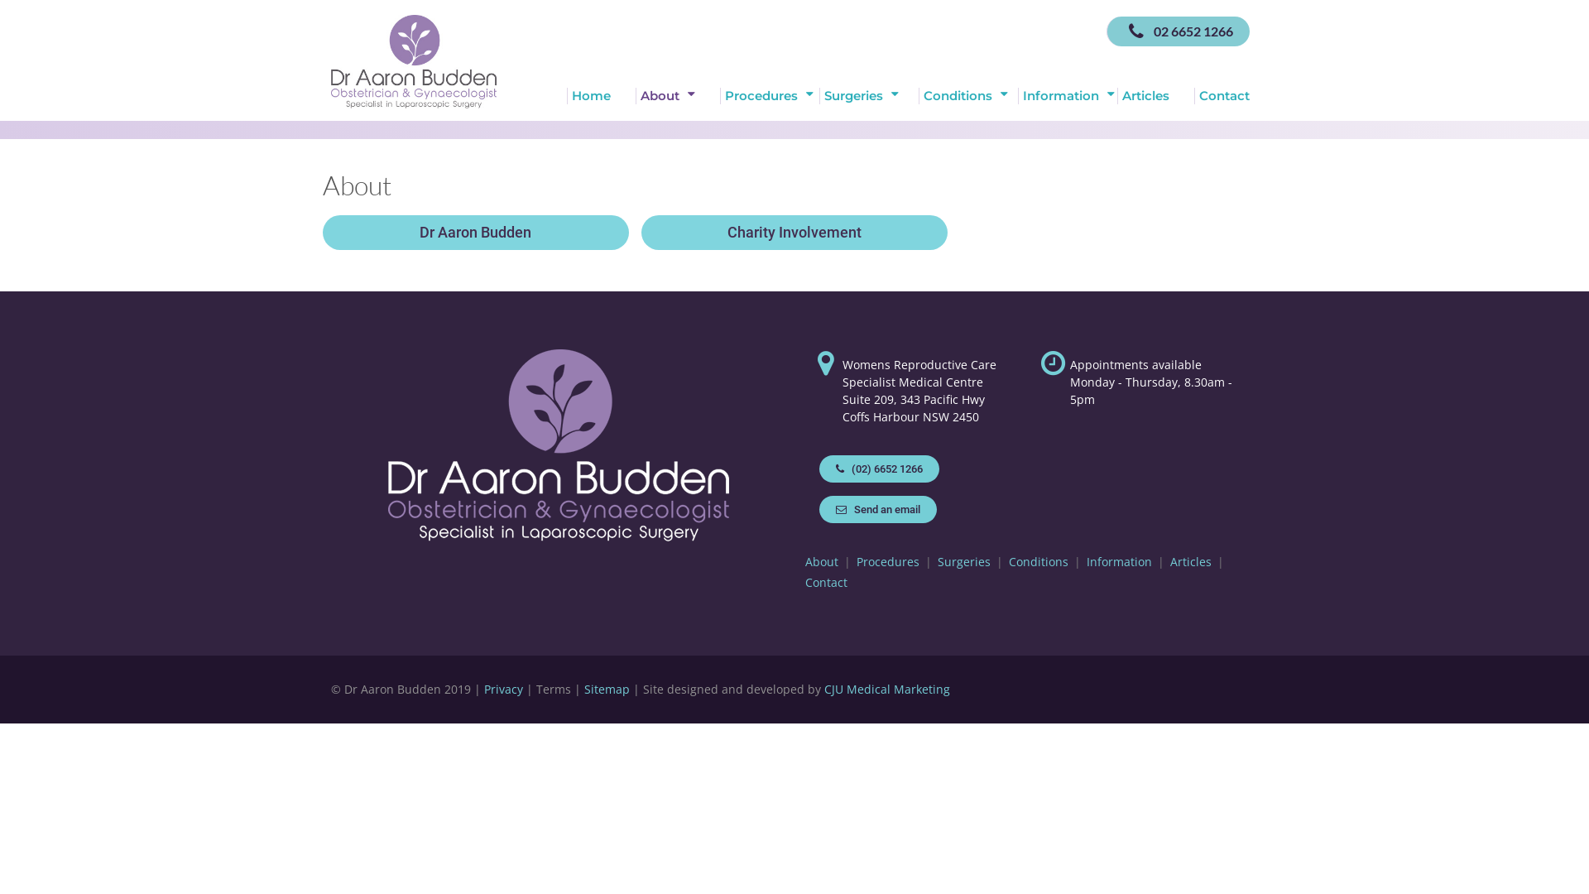 This screenshot has width=1589, height=894. I want to click on 'Privacy', so click(502, 689).